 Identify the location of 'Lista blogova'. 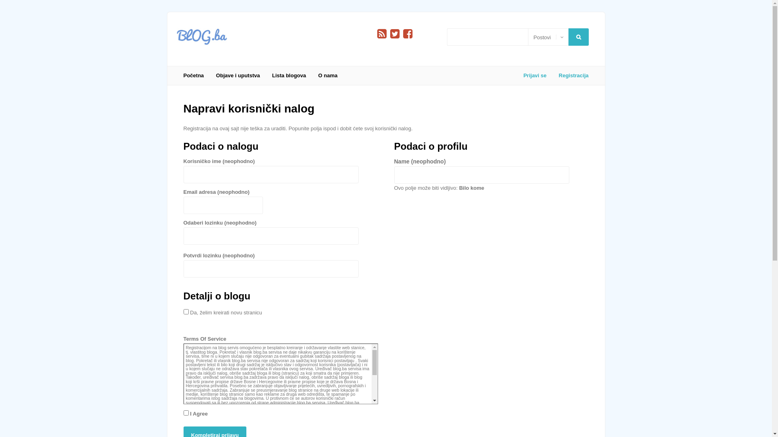
(289, 75).